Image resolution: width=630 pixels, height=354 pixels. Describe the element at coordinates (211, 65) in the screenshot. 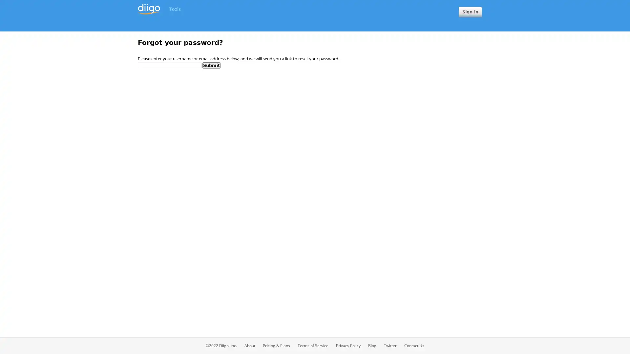

I see `Submit` at that location.